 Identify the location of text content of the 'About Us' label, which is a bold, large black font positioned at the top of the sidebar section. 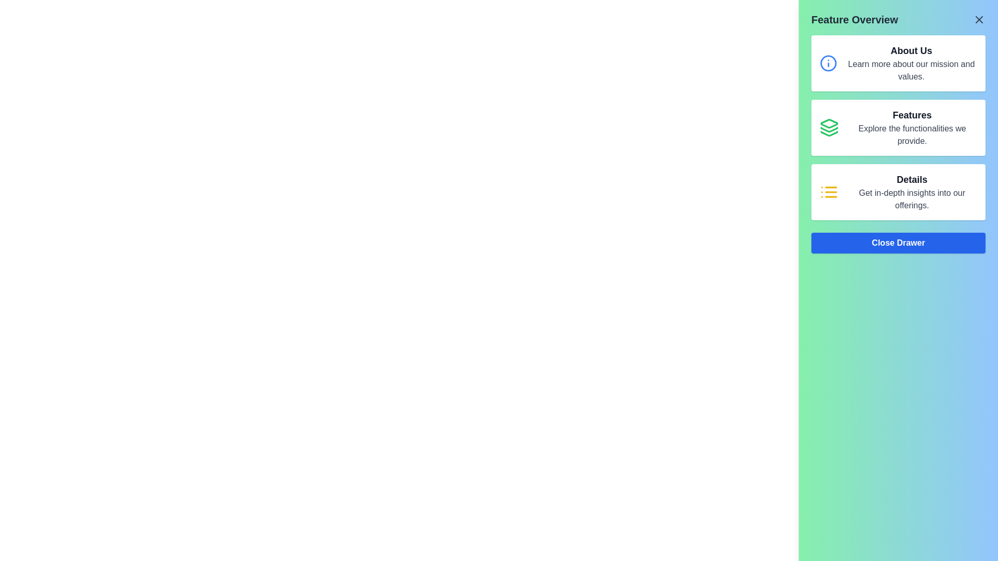
(911, 50).